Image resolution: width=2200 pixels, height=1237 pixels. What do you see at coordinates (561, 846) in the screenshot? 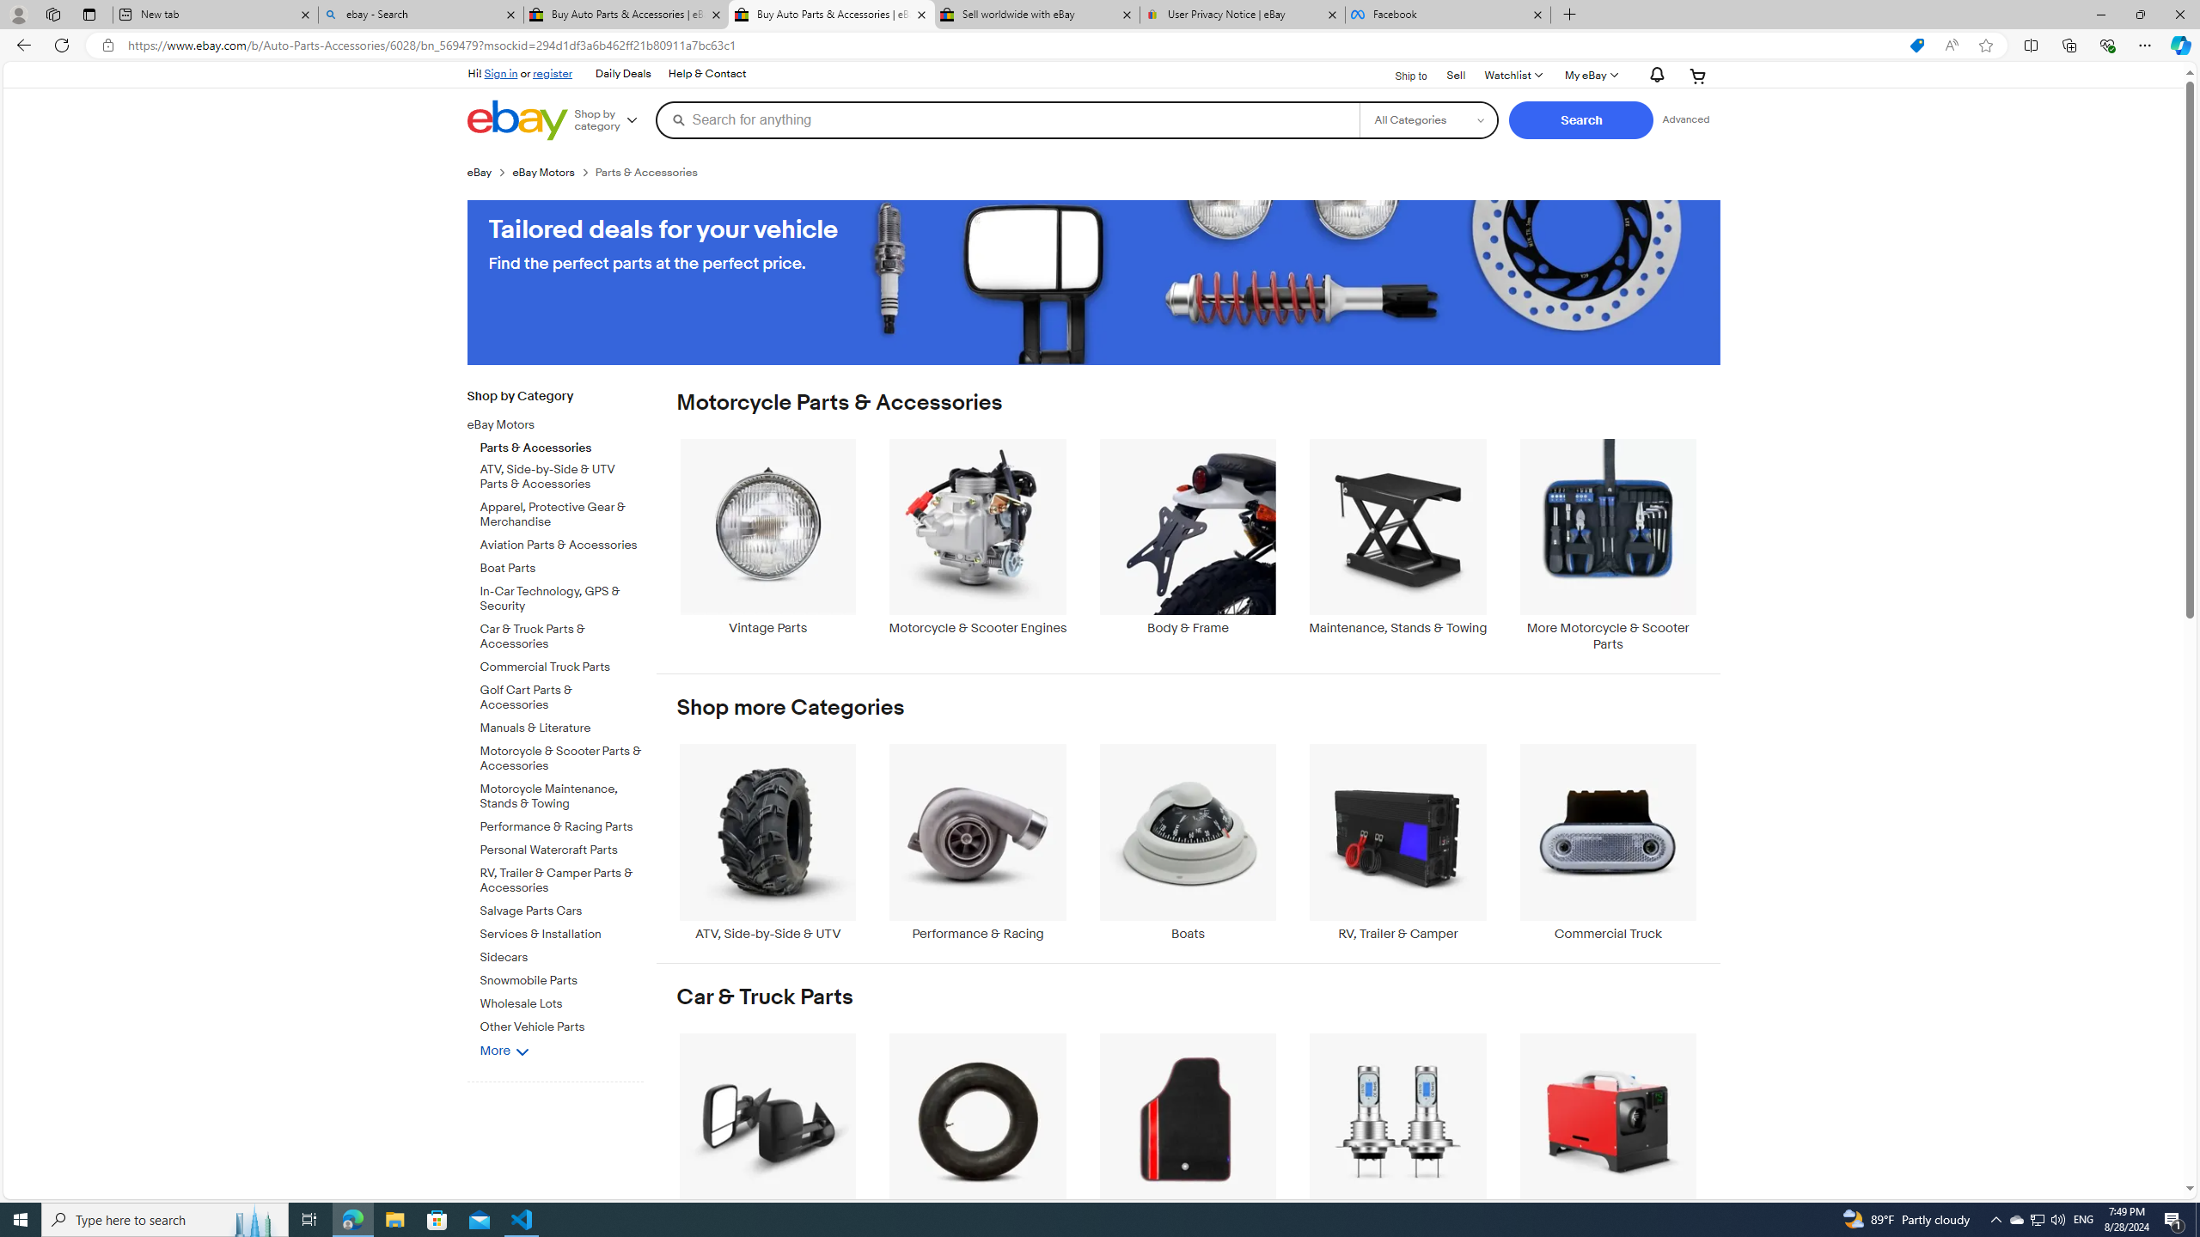
I see `'Personal Watercraft Parts'` at bounding box center [561, 846].